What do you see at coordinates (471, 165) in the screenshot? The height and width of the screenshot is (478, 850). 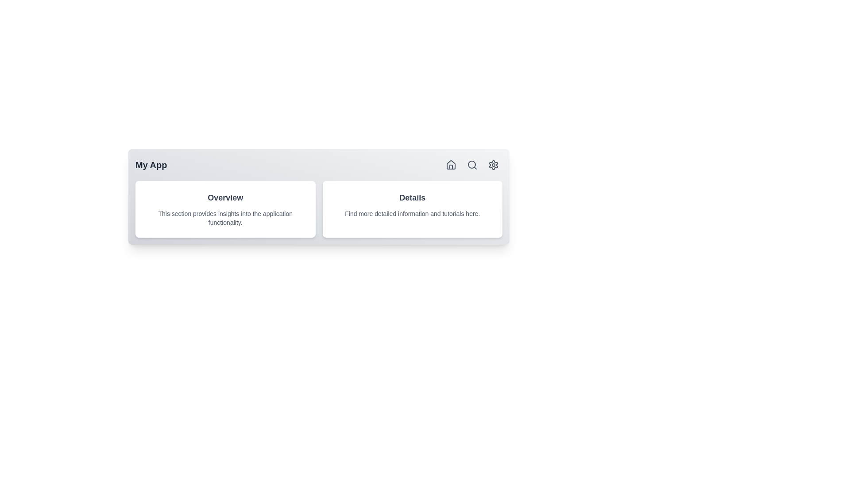 I see `the search button icon, which is represented by a magnifying glass and is the second icon in a row of three, located towards the top-right of the interface` at bounding box center [471, 165].